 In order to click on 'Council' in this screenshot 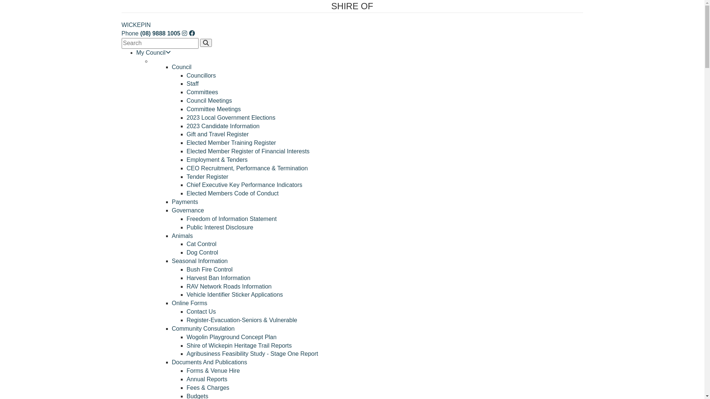, I will do `click(171, 67)`.